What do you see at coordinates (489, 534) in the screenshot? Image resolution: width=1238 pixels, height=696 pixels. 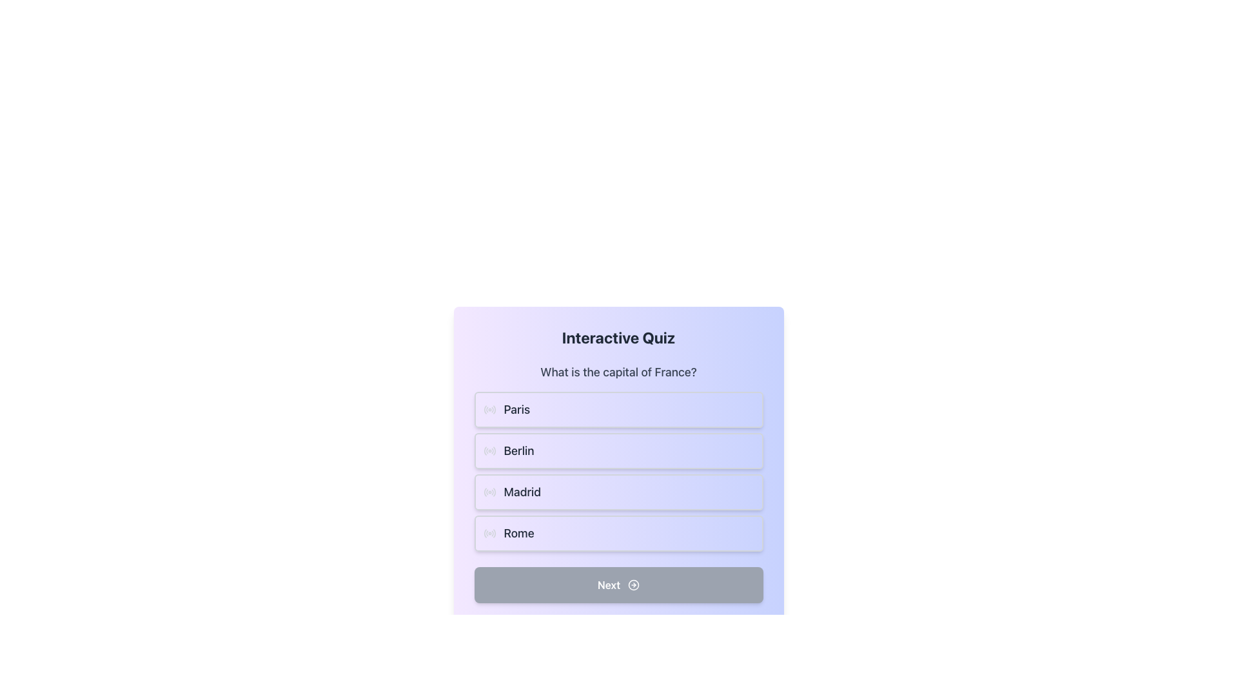 I see `the radio button indicating the selection status for the option 'Rome' in the multiple-choice quiz` at bounding box center [489, 534].